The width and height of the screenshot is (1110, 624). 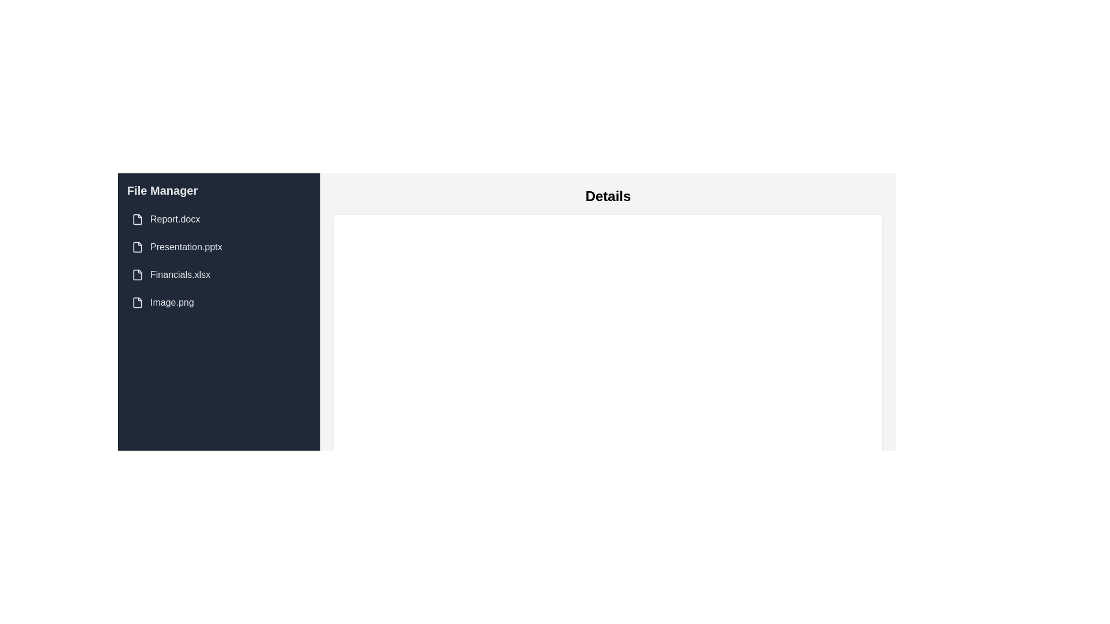 I want to click on the first file entry 'Report.docx' in the file manager interface, so click(x=219, y=220).